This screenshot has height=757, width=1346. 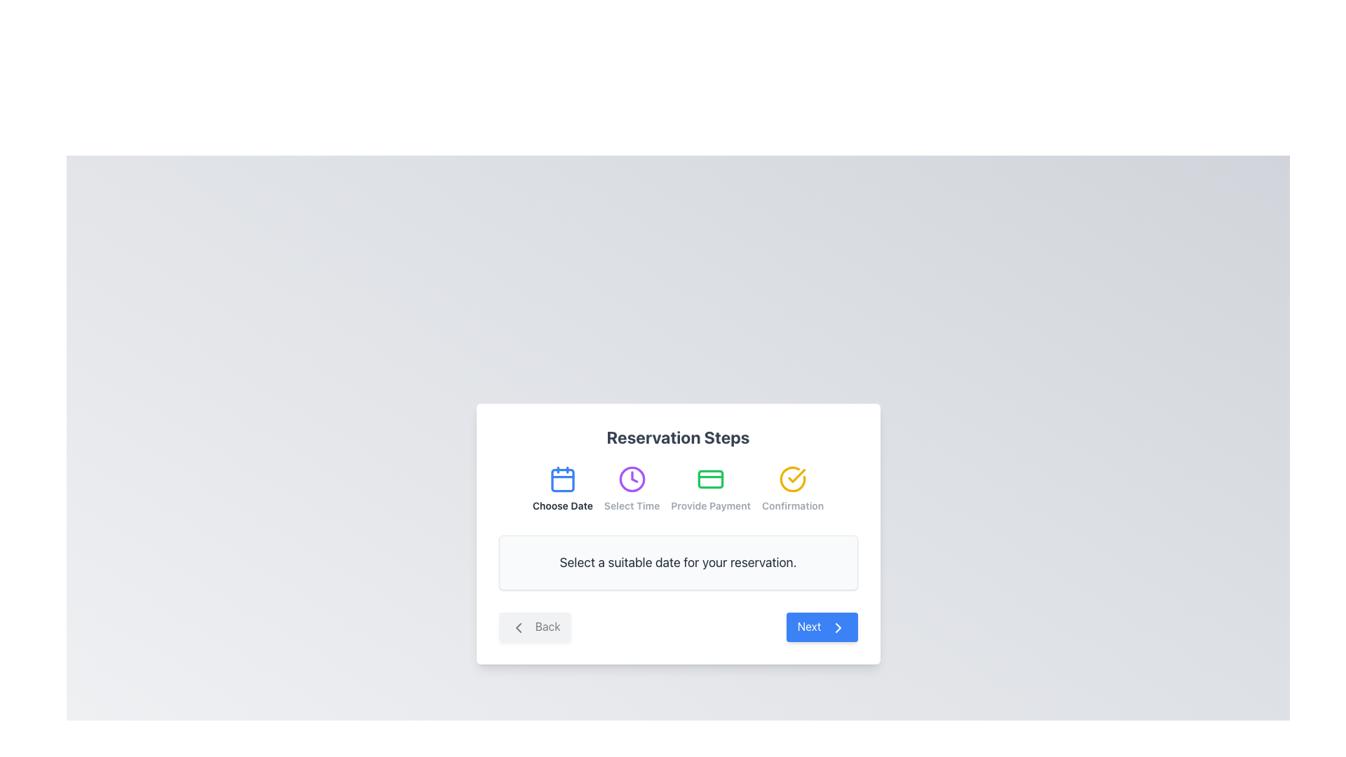 What do you see at coordinates (711, 506) in the screenshot?
I see `the label indicating the third step in the reservation process for payment information, which is centered in the step section` at bounding box center [711, 506].